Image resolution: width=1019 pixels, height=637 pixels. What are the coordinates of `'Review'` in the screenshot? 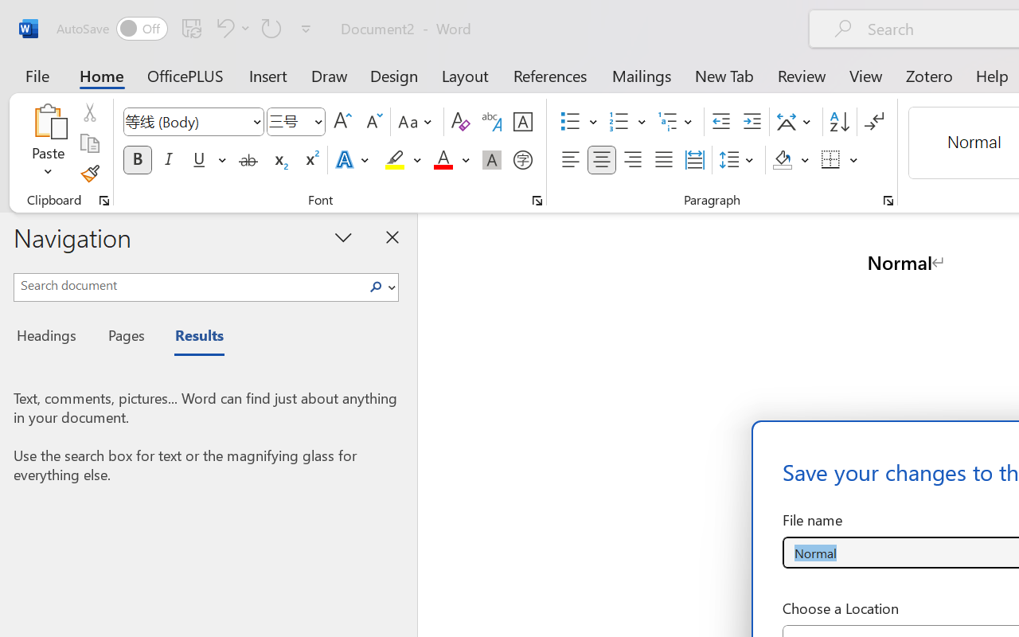 It's located at (802, 75).